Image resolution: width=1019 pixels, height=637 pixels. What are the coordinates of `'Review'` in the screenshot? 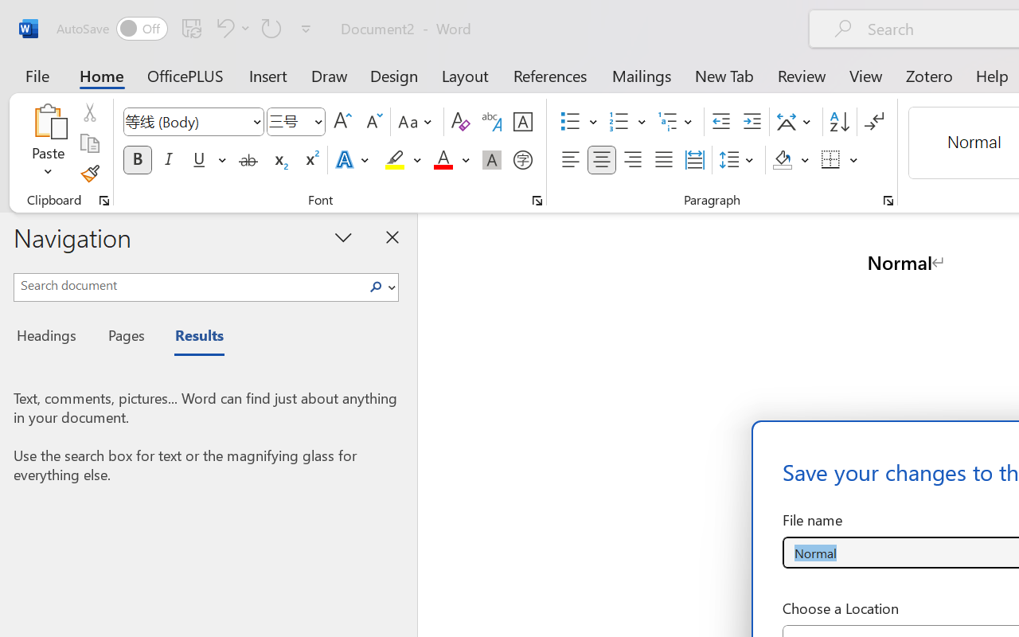 It's located at (802, 75).